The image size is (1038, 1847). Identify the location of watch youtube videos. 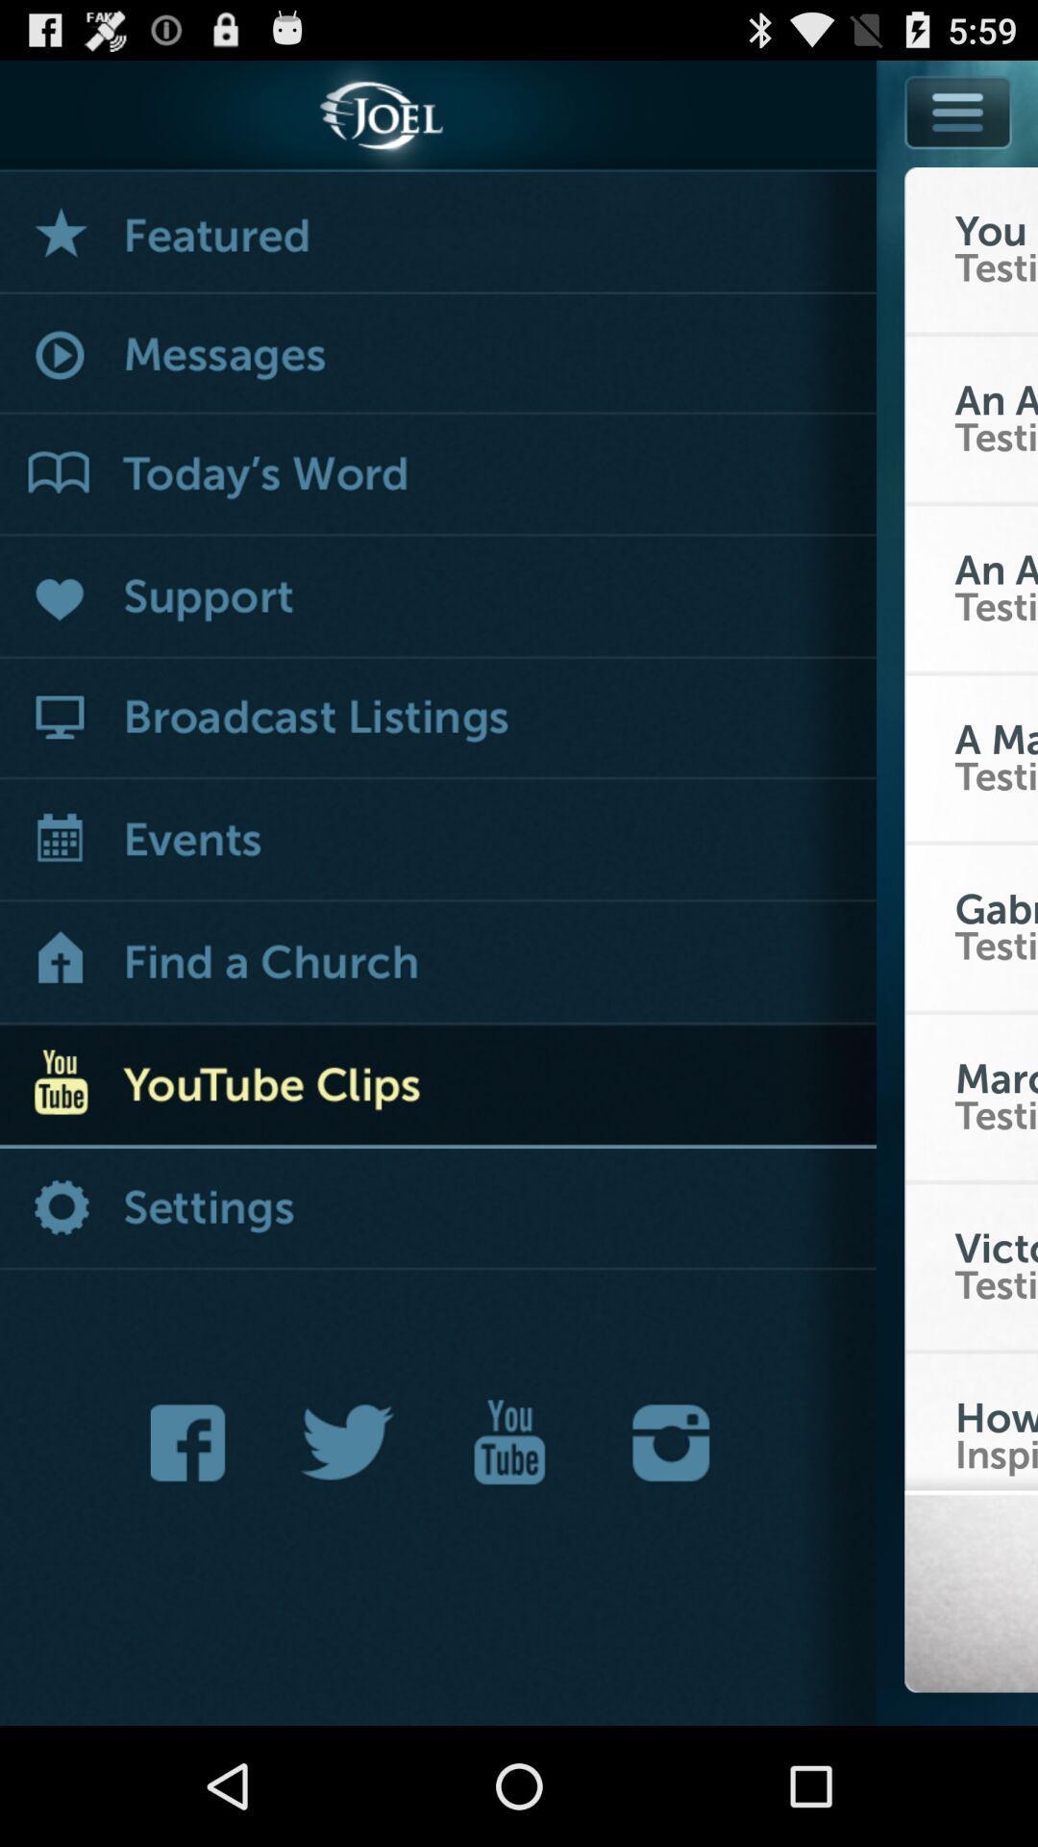
(437, 1087).